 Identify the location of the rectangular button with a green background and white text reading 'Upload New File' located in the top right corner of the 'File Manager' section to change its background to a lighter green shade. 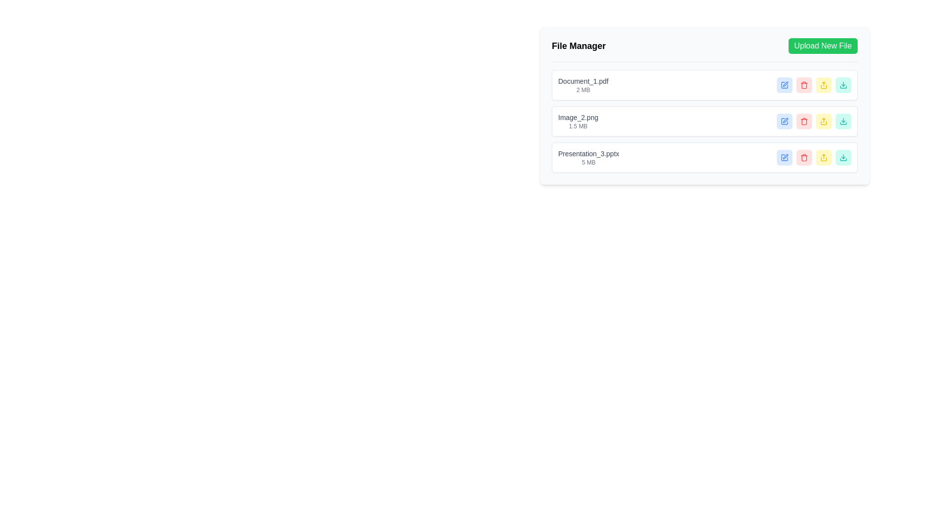
(823, 46).